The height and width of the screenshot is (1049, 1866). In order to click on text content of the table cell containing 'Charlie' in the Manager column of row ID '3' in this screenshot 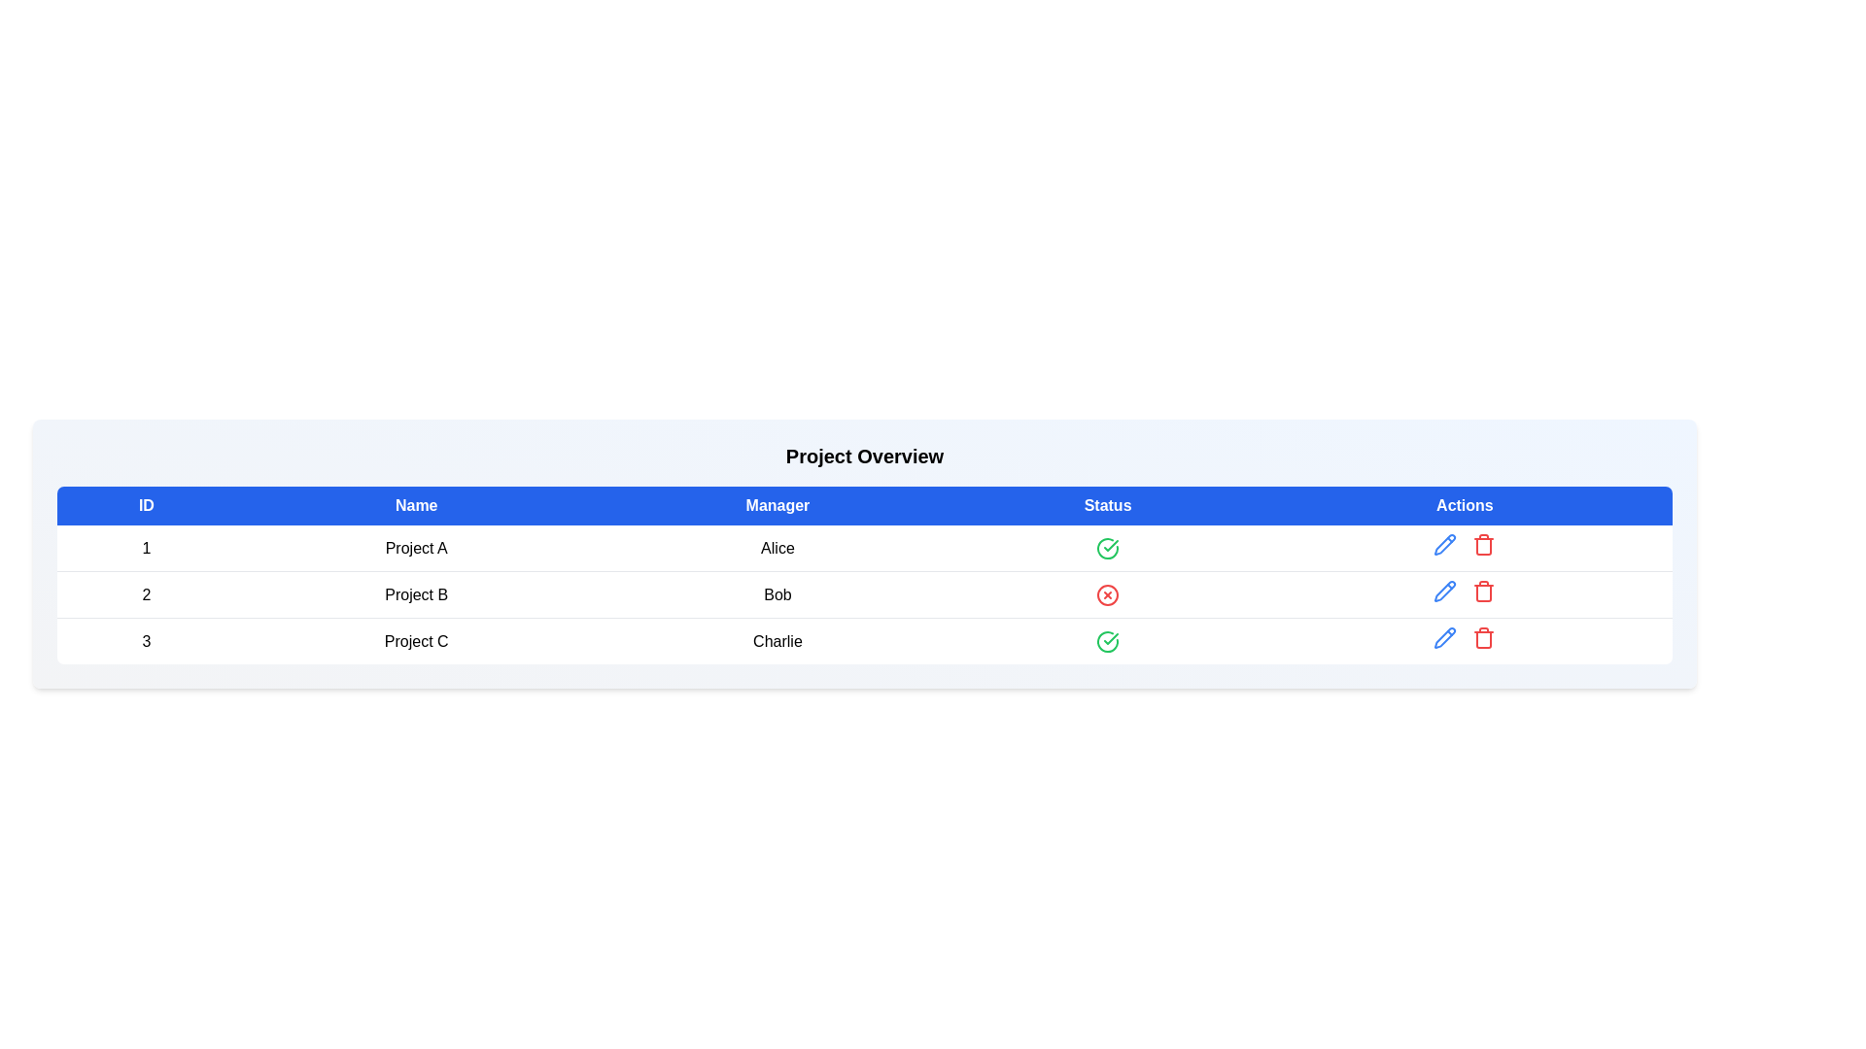, I will do `click(777, 641)`.